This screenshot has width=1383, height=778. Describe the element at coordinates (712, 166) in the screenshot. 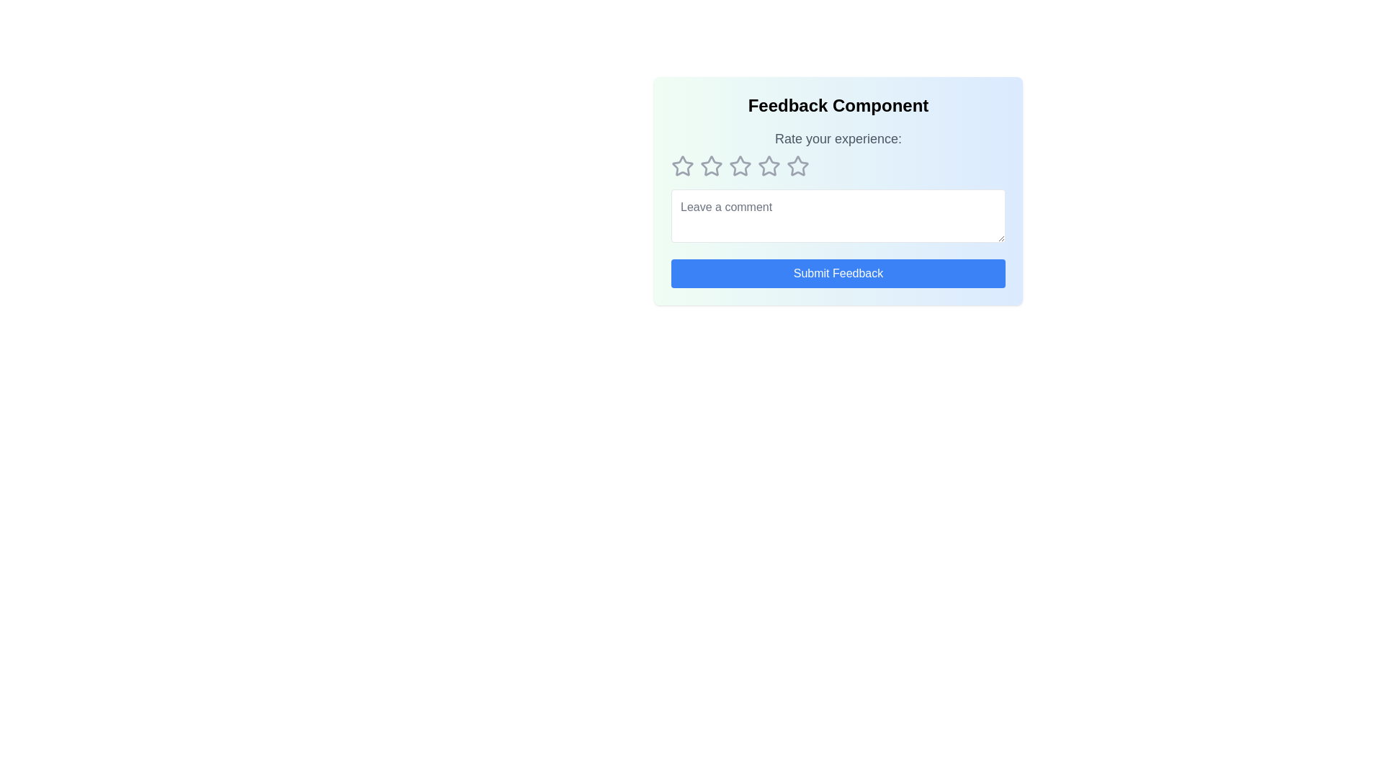

I see `the second star icon in the rating component` at that location.